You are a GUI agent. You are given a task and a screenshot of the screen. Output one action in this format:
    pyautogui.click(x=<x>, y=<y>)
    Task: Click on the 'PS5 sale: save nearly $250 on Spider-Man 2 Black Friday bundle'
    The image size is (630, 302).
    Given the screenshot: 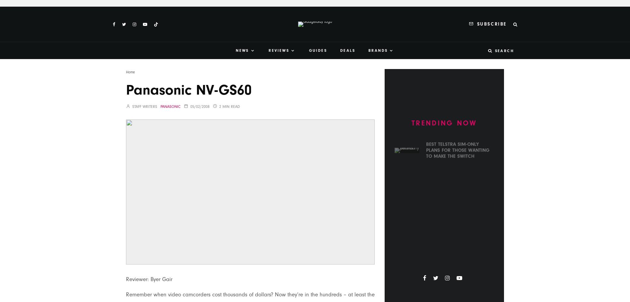 What is the action you would take?
    pyautogui.click(x=457, y=254)
    